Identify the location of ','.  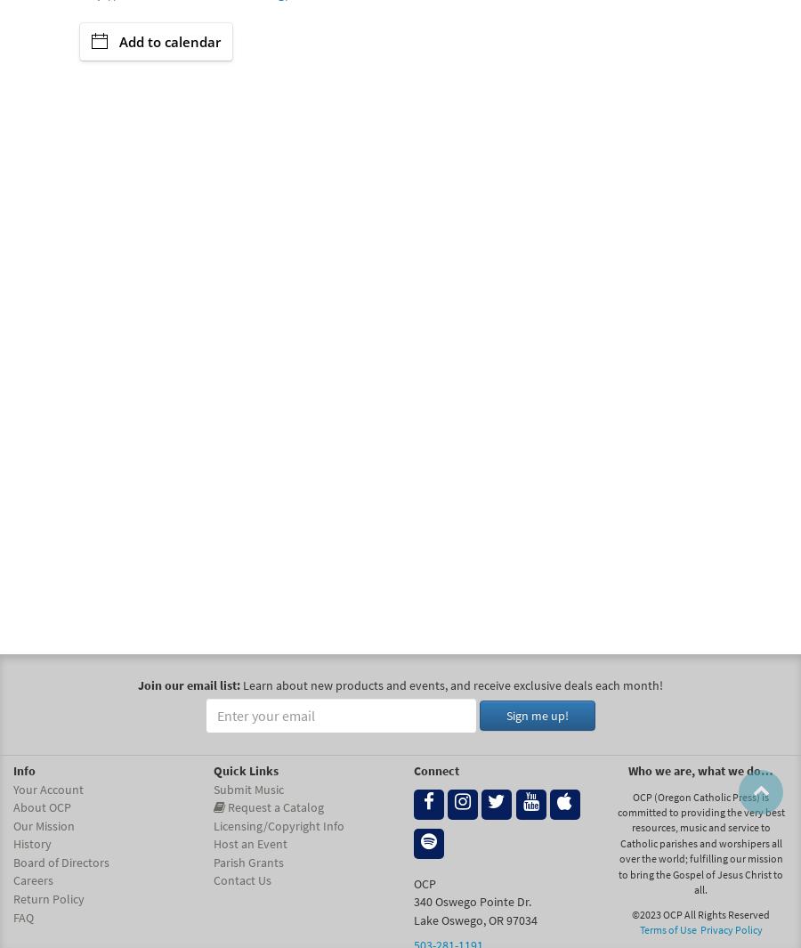
(481, 920).